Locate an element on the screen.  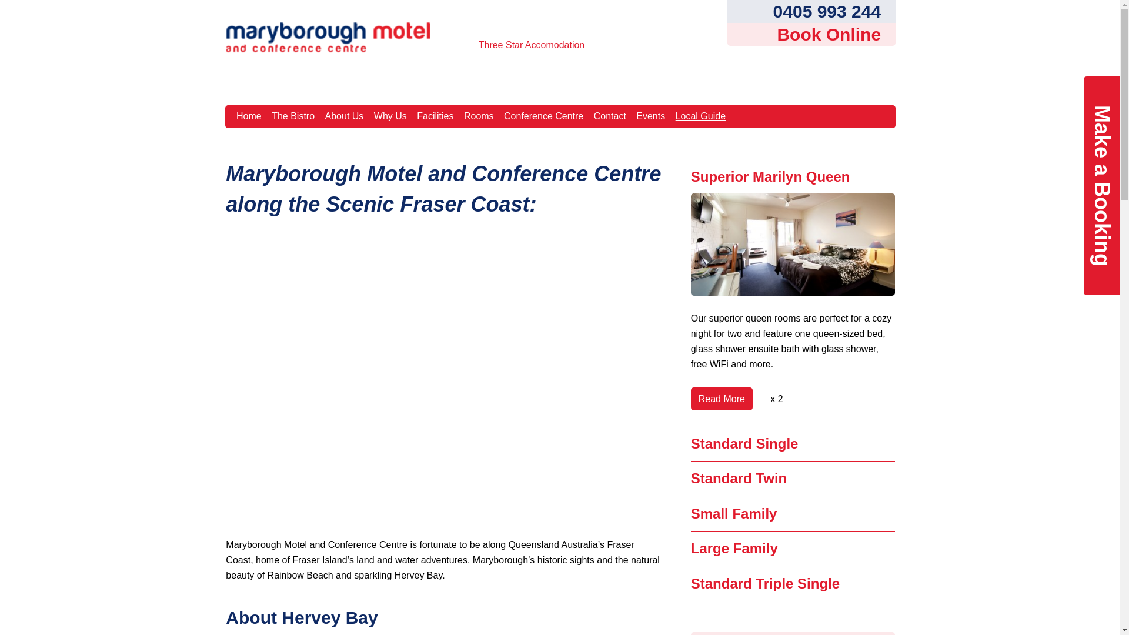
'Standard Single' is located at coordinates (744, 443).